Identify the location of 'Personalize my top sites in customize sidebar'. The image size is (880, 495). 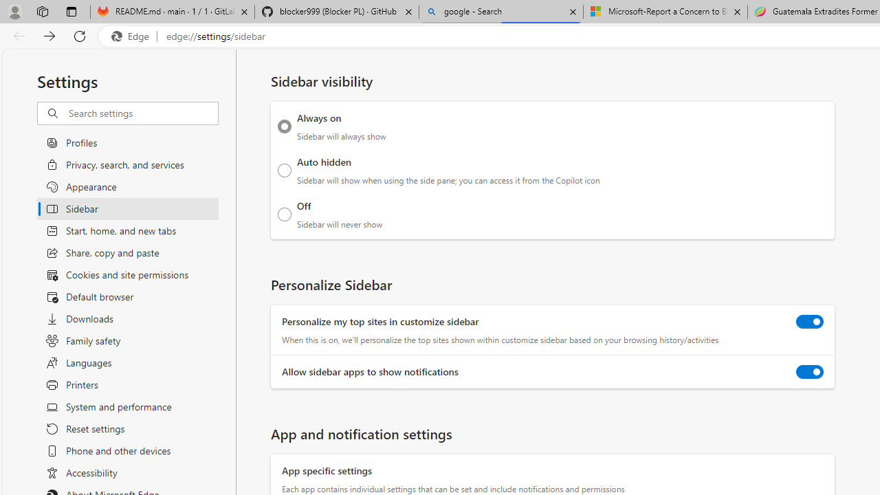
(810, 322).